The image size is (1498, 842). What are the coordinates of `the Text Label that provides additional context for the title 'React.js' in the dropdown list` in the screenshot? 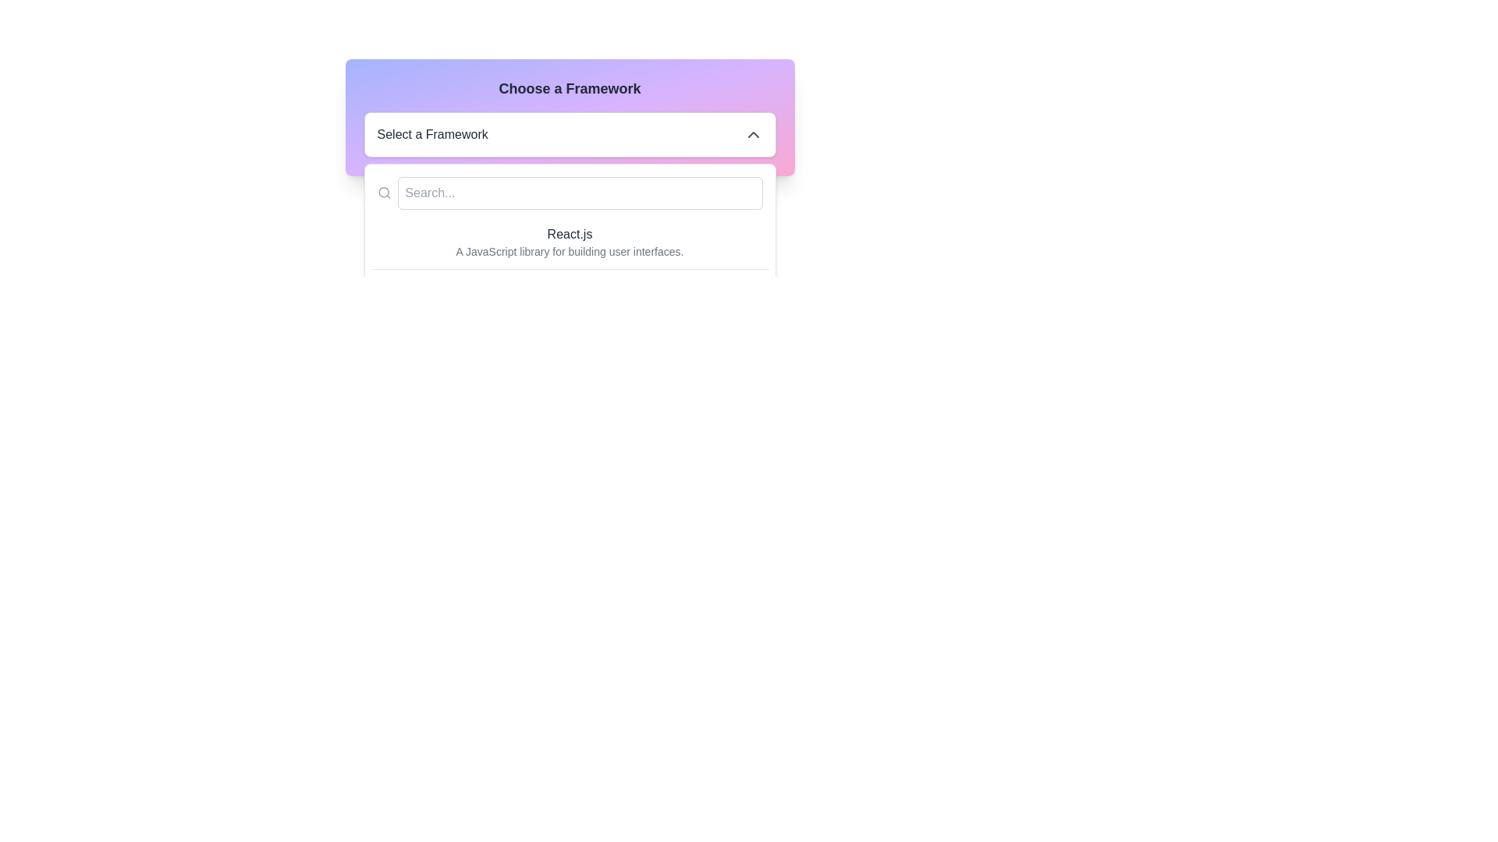 It's located at (569, 251).